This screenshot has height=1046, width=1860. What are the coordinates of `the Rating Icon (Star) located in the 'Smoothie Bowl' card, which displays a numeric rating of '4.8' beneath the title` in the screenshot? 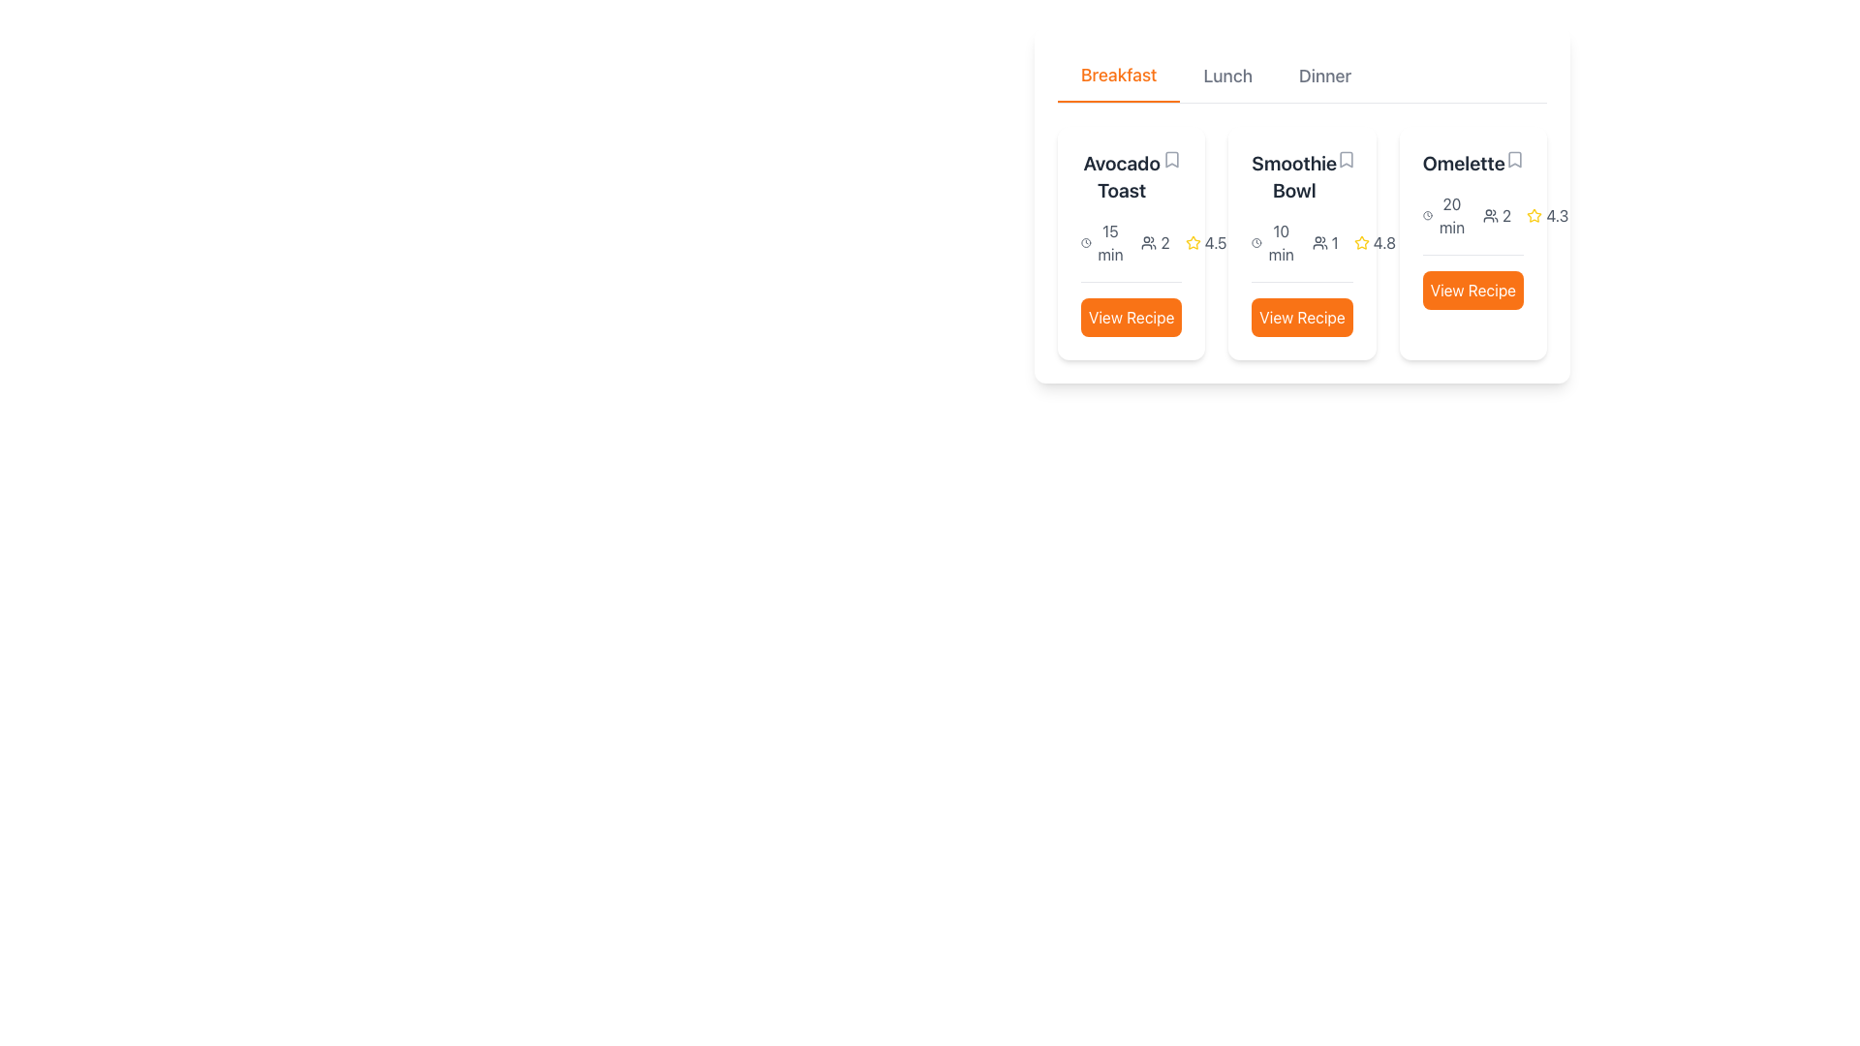 It's located at (1360, 241).